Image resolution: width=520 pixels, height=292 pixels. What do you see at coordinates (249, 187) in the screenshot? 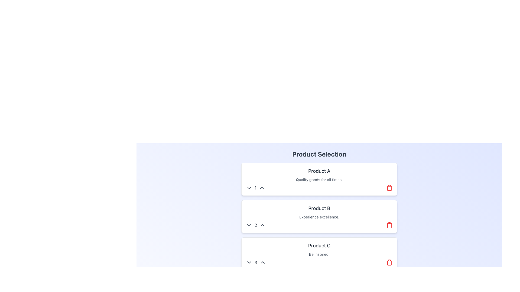
I see `the downward-pointing arrow icon of the Dropdown trigger button located in the top left of the 'Product A' card` at bounding box center [249, 187].